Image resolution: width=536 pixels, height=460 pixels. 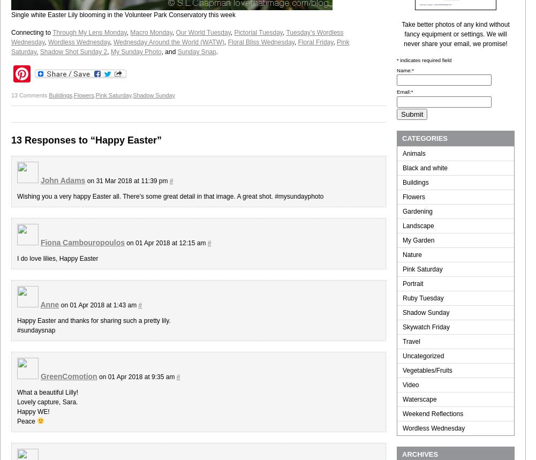 I want to click on 'Pictorial Tuesday', so click(x=234, y=32).